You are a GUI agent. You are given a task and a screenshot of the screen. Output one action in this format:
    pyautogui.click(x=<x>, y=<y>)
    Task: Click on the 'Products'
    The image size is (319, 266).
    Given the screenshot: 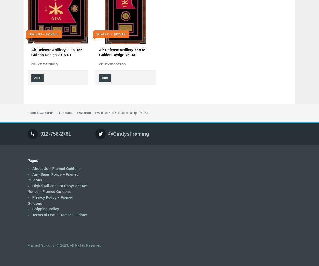 What is the action you would take?
    pyautogui.click(x=66, y=112)
    